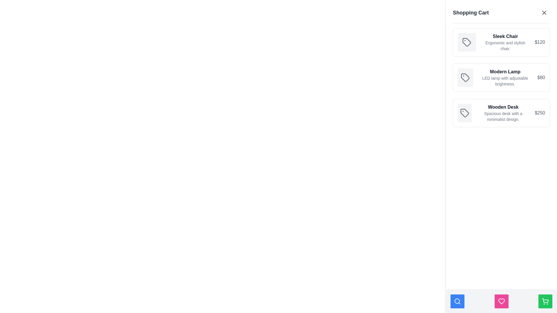  What do you see at coordinates (505, 46) in the screenshot?
I see `the text display that reads 'Ergonomic and stylish chair', located below the title 'Sleek Chair' in the list item` at bounding box center [505, 46].